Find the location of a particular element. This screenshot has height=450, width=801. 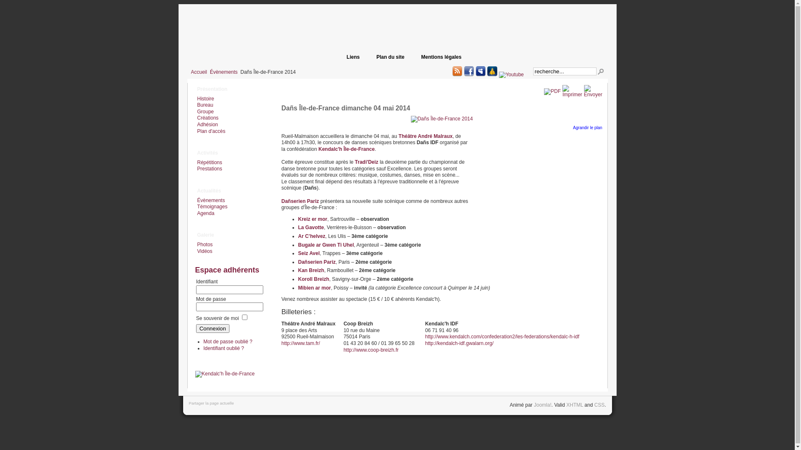

'Suivez-nous sur Myspace' is located at coordinates (481, 70).